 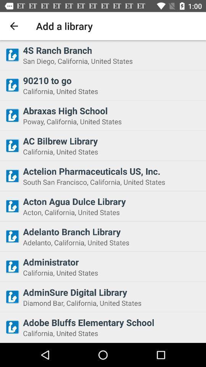 What do you see at coordinates (112, 50) in the screenshot?
I see `4s ranch branch icon` at bounding box center [112, 50].